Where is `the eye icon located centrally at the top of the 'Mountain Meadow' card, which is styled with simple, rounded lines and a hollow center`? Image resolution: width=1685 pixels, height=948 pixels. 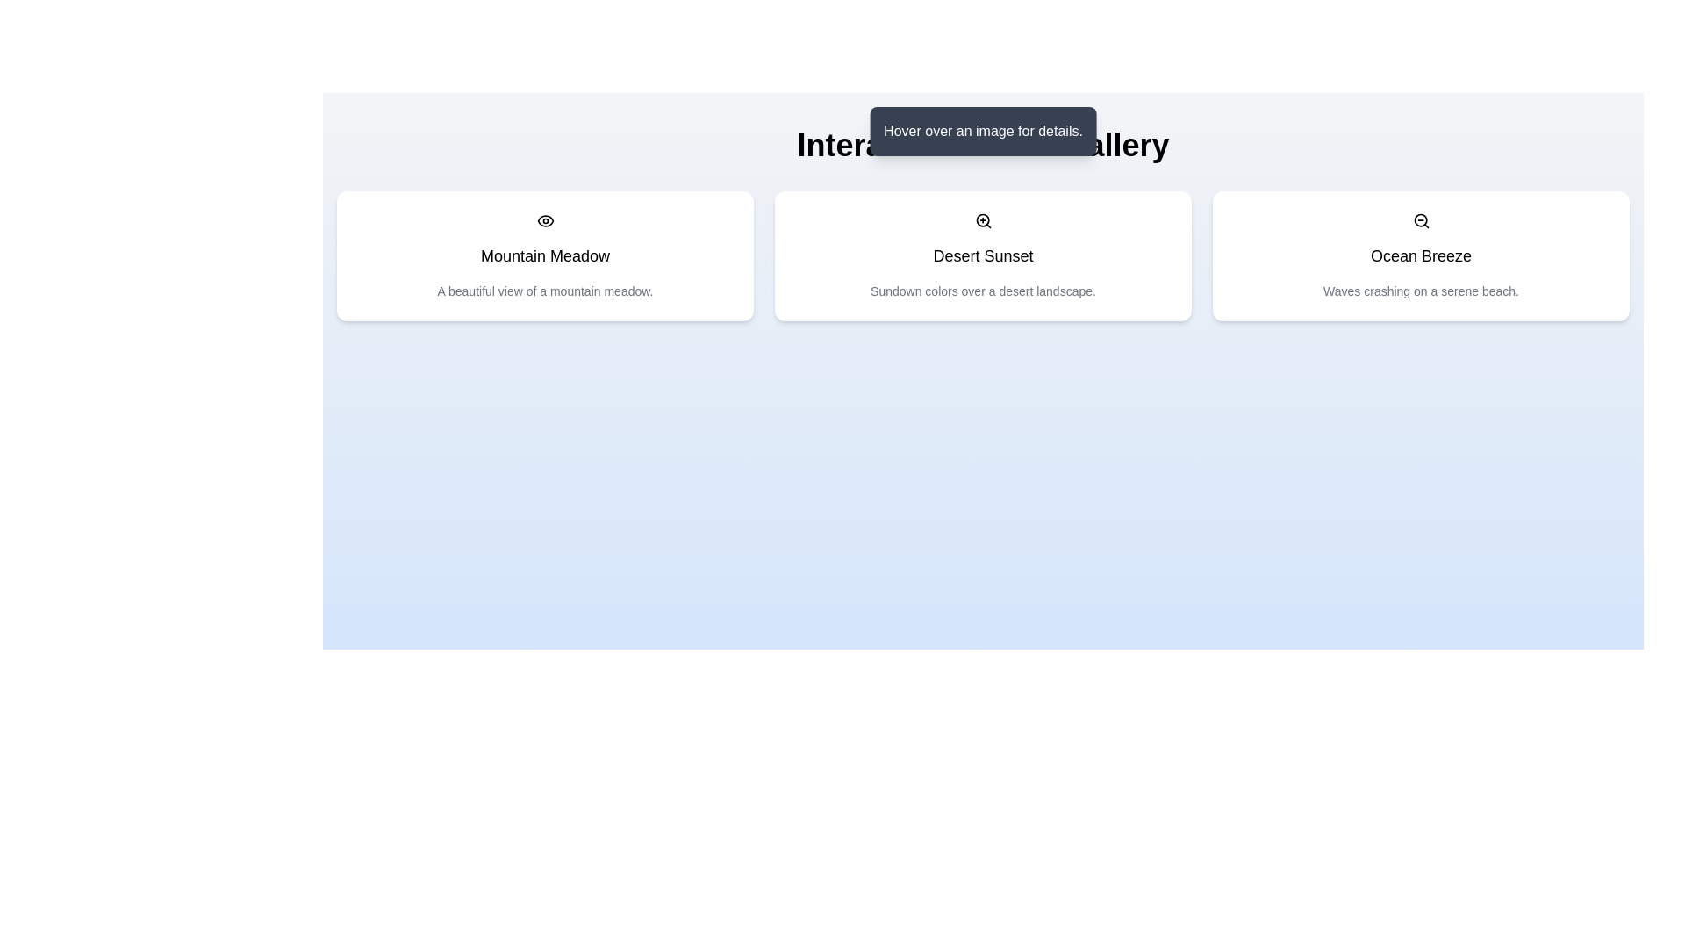
the eye icon located centrally at the top of the 'Mountain Meadow' card, which is styled with simple, rounded lines and a hollow center is located at coordinates (544, 219).